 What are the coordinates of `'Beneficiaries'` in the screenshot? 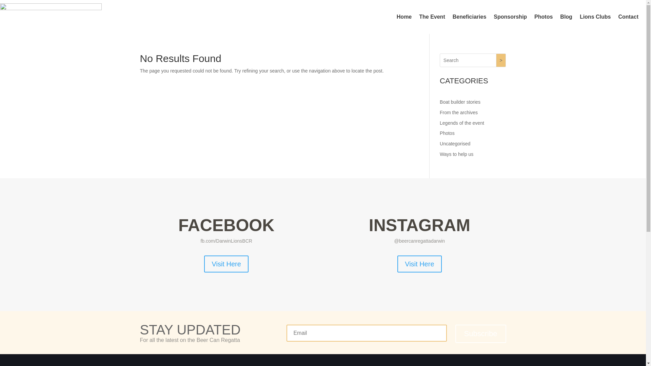 It's located at (469, 17).